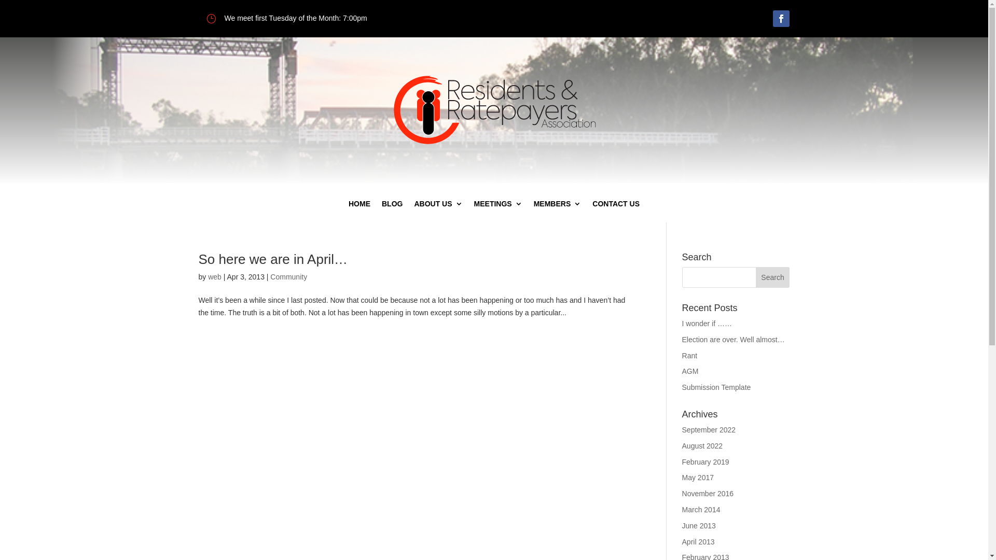 Image resolution: width=996 pixels, height=560 pixels. What do you see at coordinates (701, 509) in the screenshot?
I see `'March 2014'` at bounding box center [701, 509].